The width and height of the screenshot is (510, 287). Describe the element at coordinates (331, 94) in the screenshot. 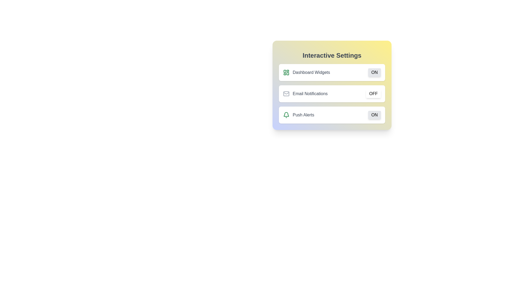

I see `the container of the setting Email Notifications` at that location.